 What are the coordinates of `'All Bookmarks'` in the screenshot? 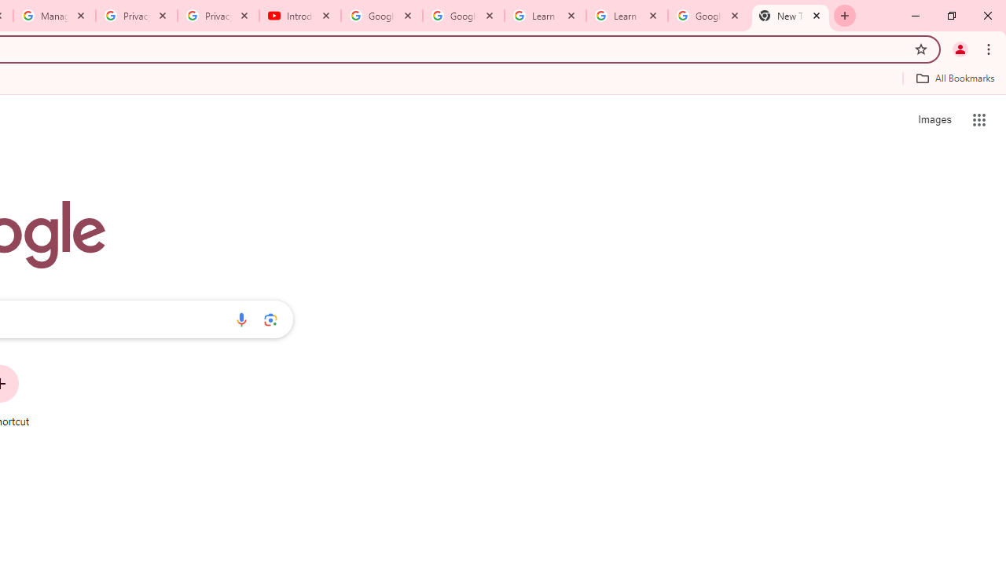 It's located at (954, 78).